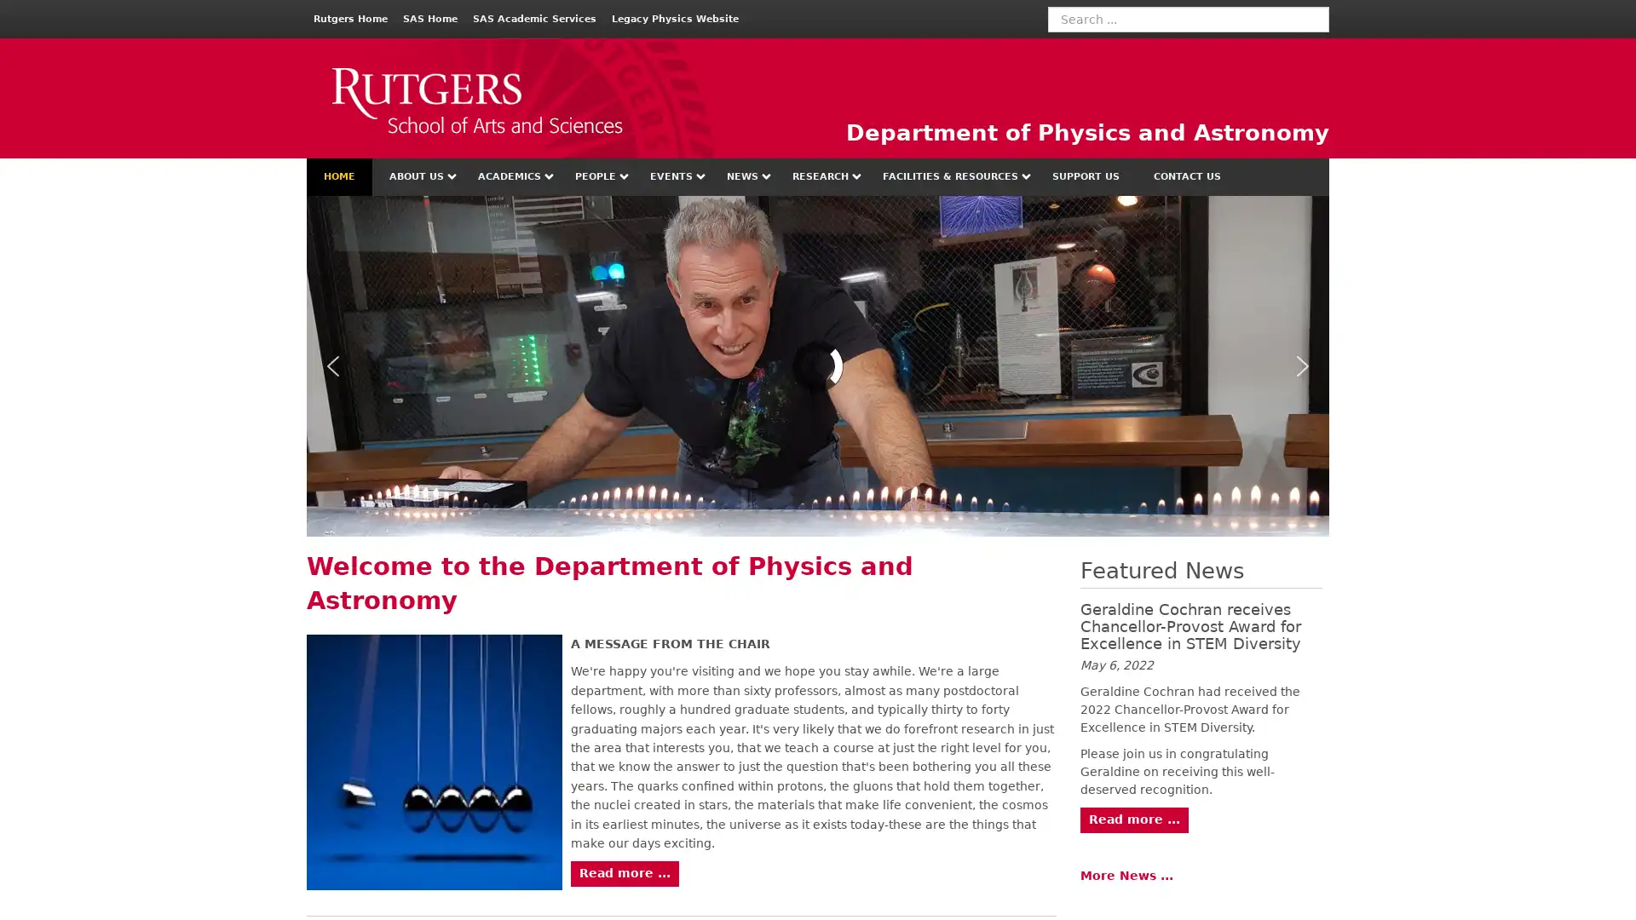  What do you see at coordinates (1302, 365) in the screenshot?
I see `next arrow` at bounding box center [1302, 365].